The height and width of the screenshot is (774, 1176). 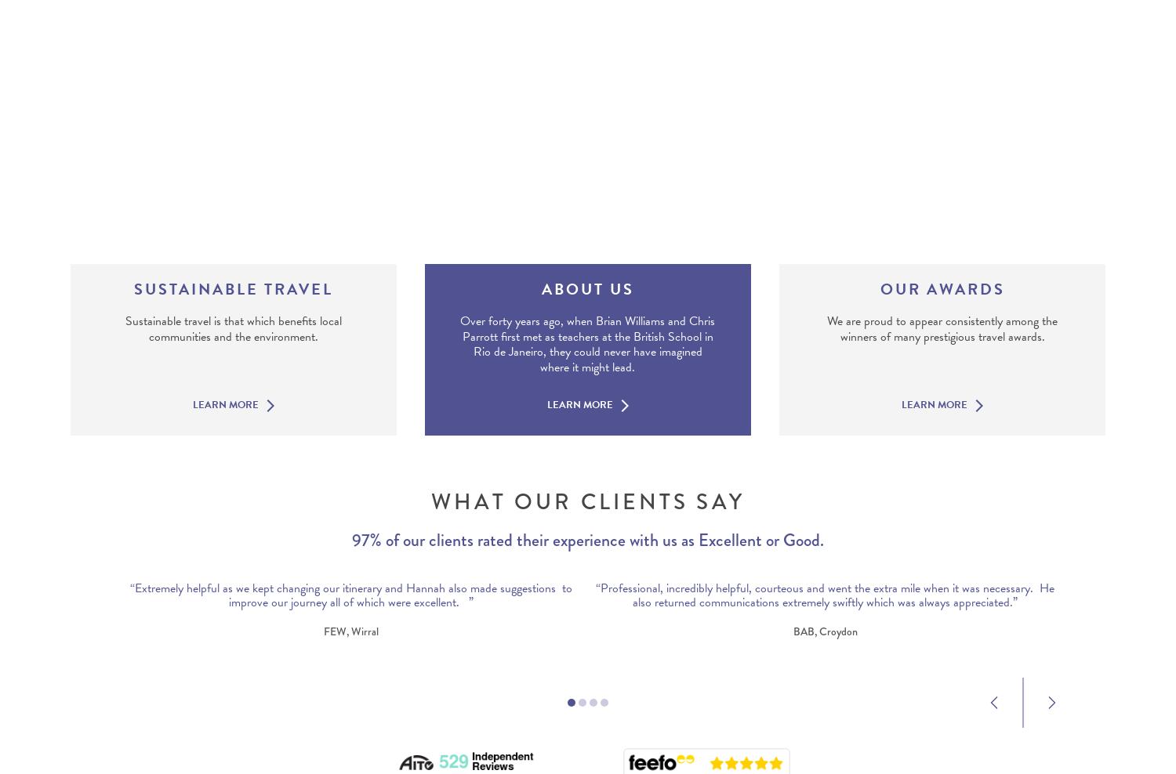 What do you see at coordinates (586, 343) in the screenshot?
I see `'Over forty years ago, when Brian Williams and Chris Parrott first met as teachers at the British School in Rio de Janeiro, they could never have imagined where it might lead.'` at bounding box center [586, 343].